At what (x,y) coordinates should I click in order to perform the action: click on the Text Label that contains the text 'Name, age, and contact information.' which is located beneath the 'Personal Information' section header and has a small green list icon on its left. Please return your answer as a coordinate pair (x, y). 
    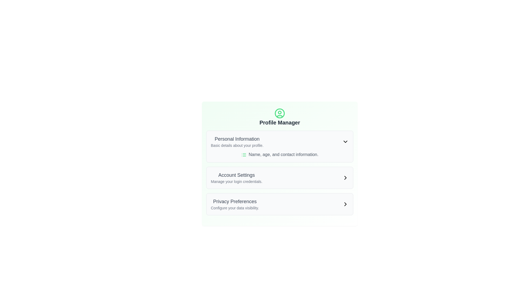
    Looking at the image, I should click on (280, 155).